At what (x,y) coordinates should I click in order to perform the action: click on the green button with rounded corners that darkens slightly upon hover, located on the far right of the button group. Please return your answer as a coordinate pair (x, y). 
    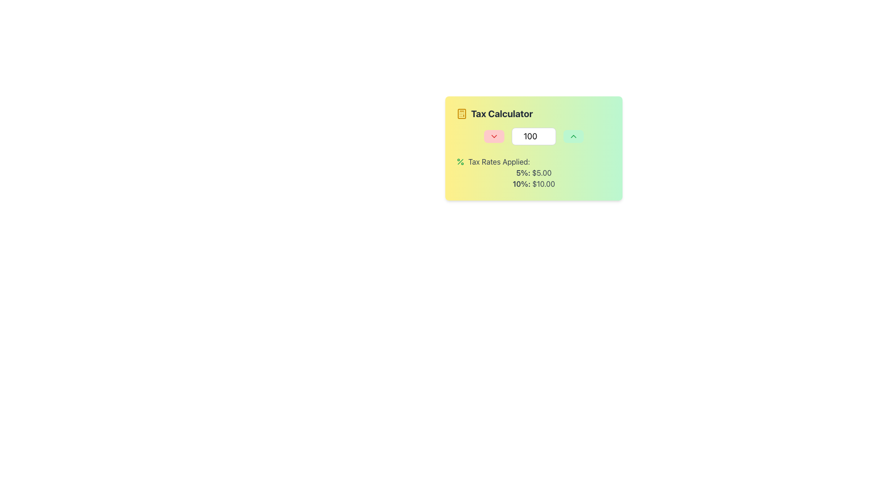
    Looking at the image, I should click on (573, 136).